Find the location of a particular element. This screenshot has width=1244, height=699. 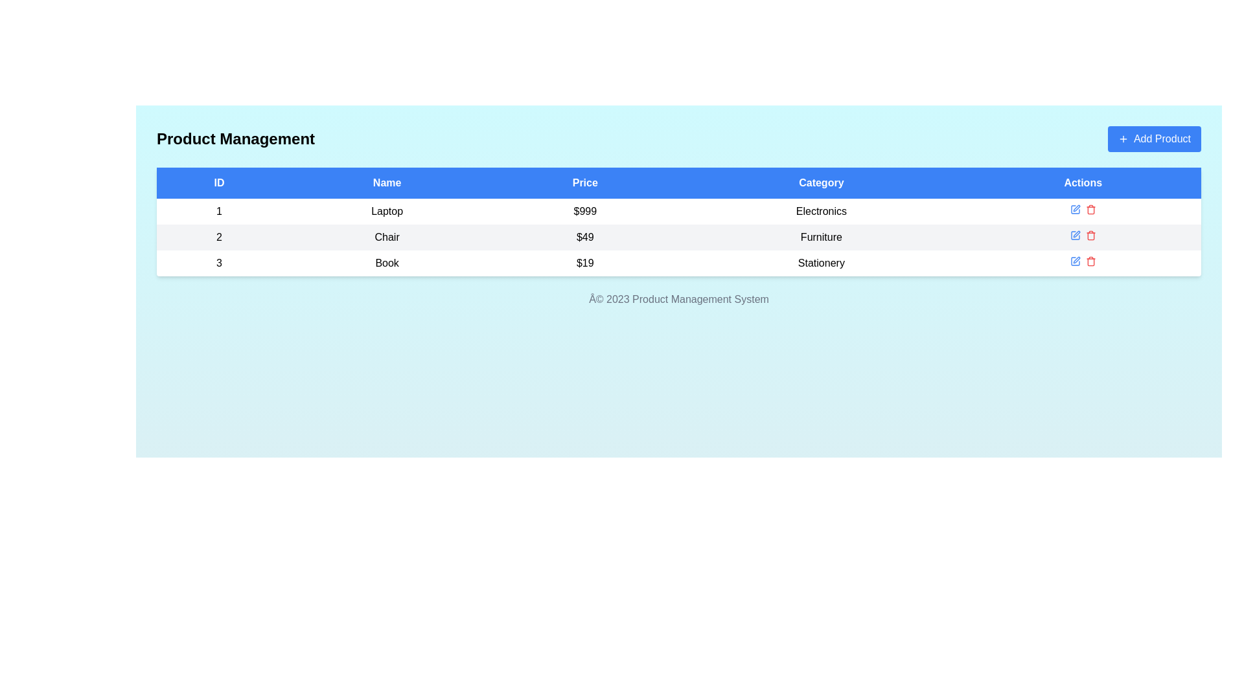

the edit button for the 'Chair' product entry, which is the first interactive icon in the rightmost 'Actions' column of the second row of the table is located at coordinates (1075, 235).